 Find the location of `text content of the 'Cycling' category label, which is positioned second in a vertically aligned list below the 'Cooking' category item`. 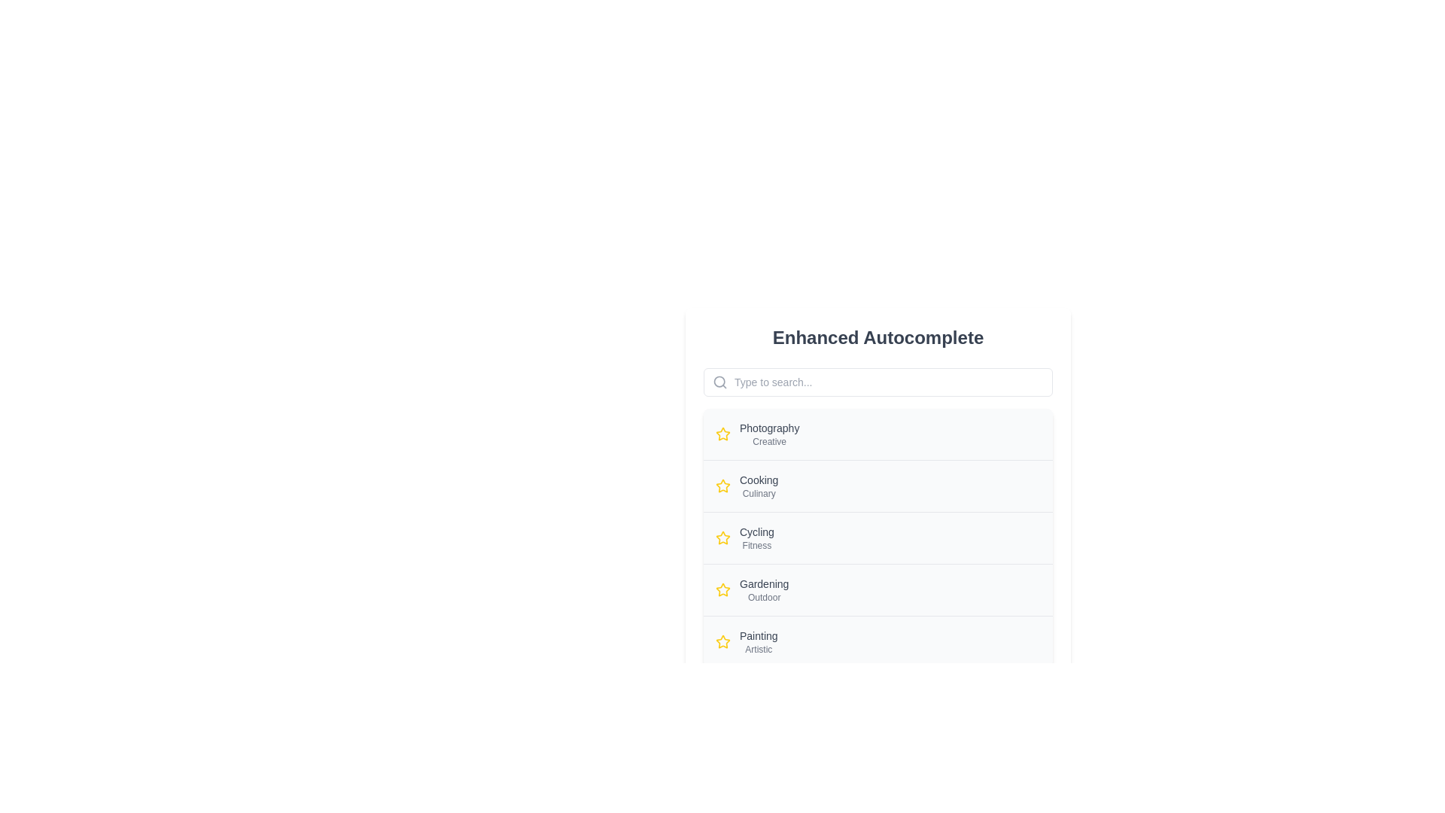

text content of the 'Cycling' category label, which is positioned second in a vertically aligned list below the 'Cooking' category item is located at coordinates (756, 531).